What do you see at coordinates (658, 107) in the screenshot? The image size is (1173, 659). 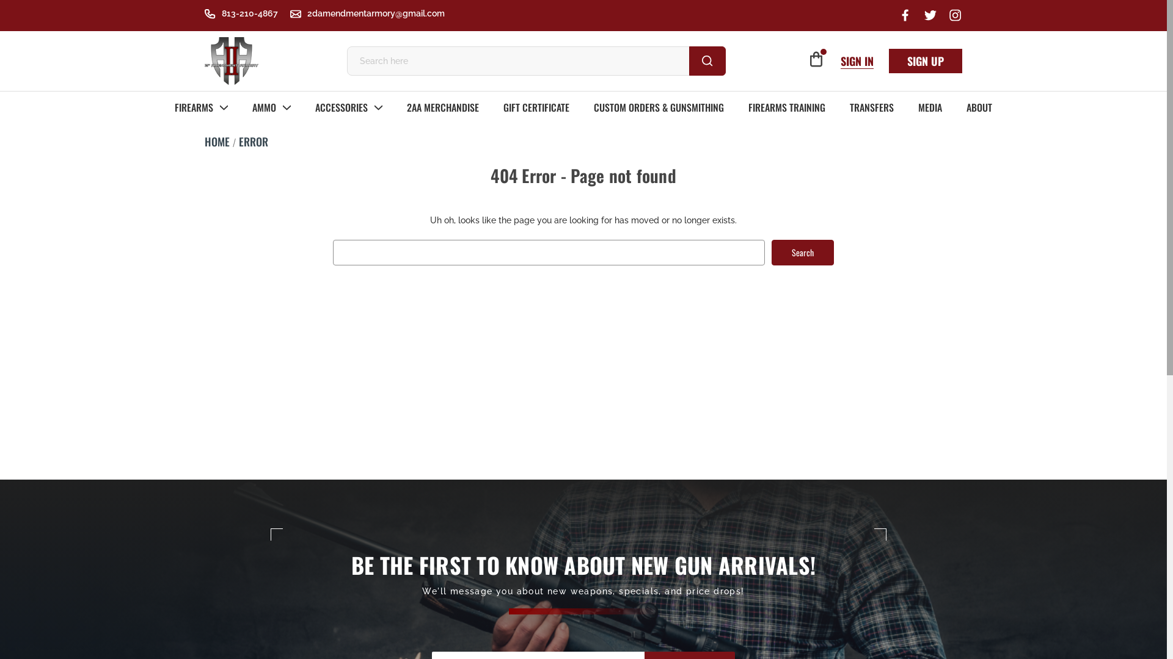 I see `'CUSTOM ORDERS & GUNSMITHING'` at bounding box center [658, 107].